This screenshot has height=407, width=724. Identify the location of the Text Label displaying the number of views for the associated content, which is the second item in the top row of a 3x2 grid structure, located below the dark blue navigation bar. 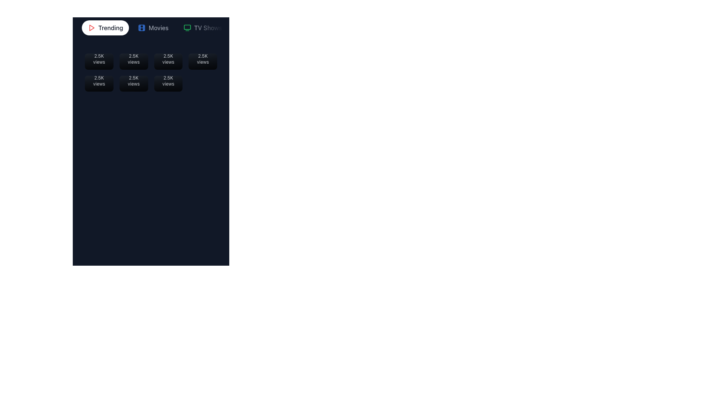
(168, 55).